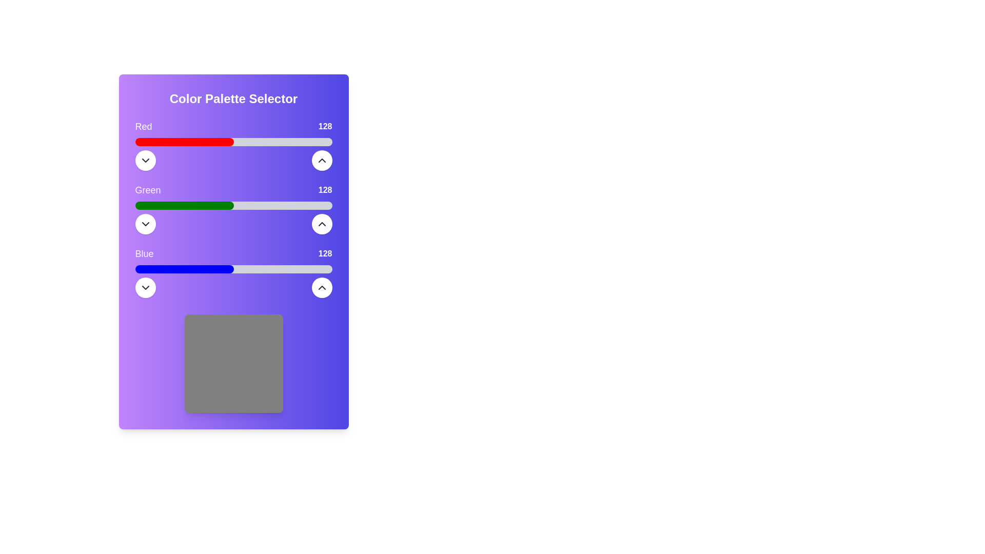  What do you see at coordinates (170, 206) in the screenshot?
I see `the green component of the color` at bounding box center [170, 206].